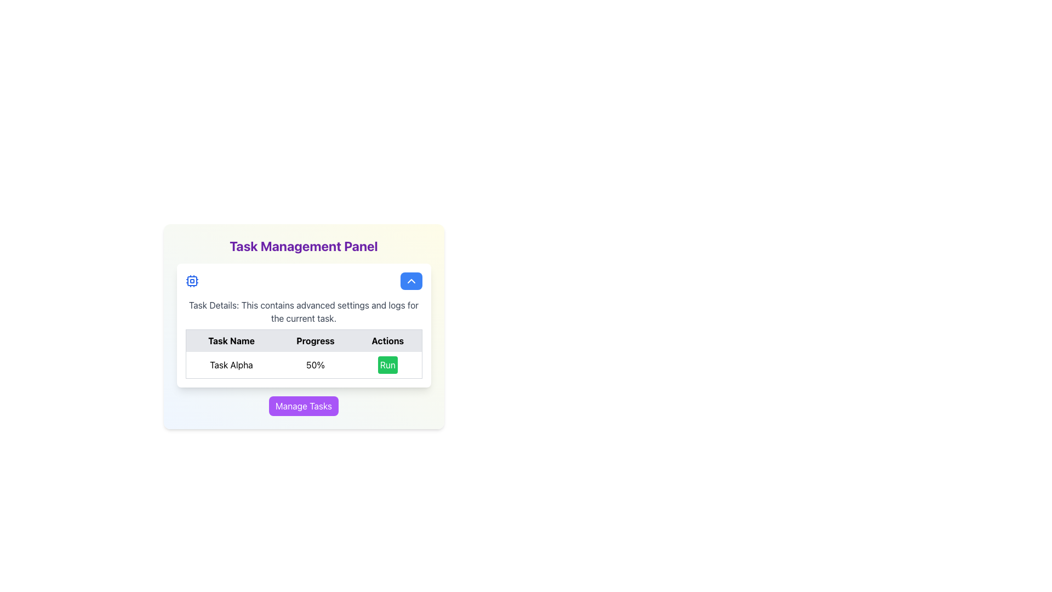 The width and height of the screenshot is (1052, 592). I want to click on the 'Run' button for 'Task Alpha', so click(388, 365).